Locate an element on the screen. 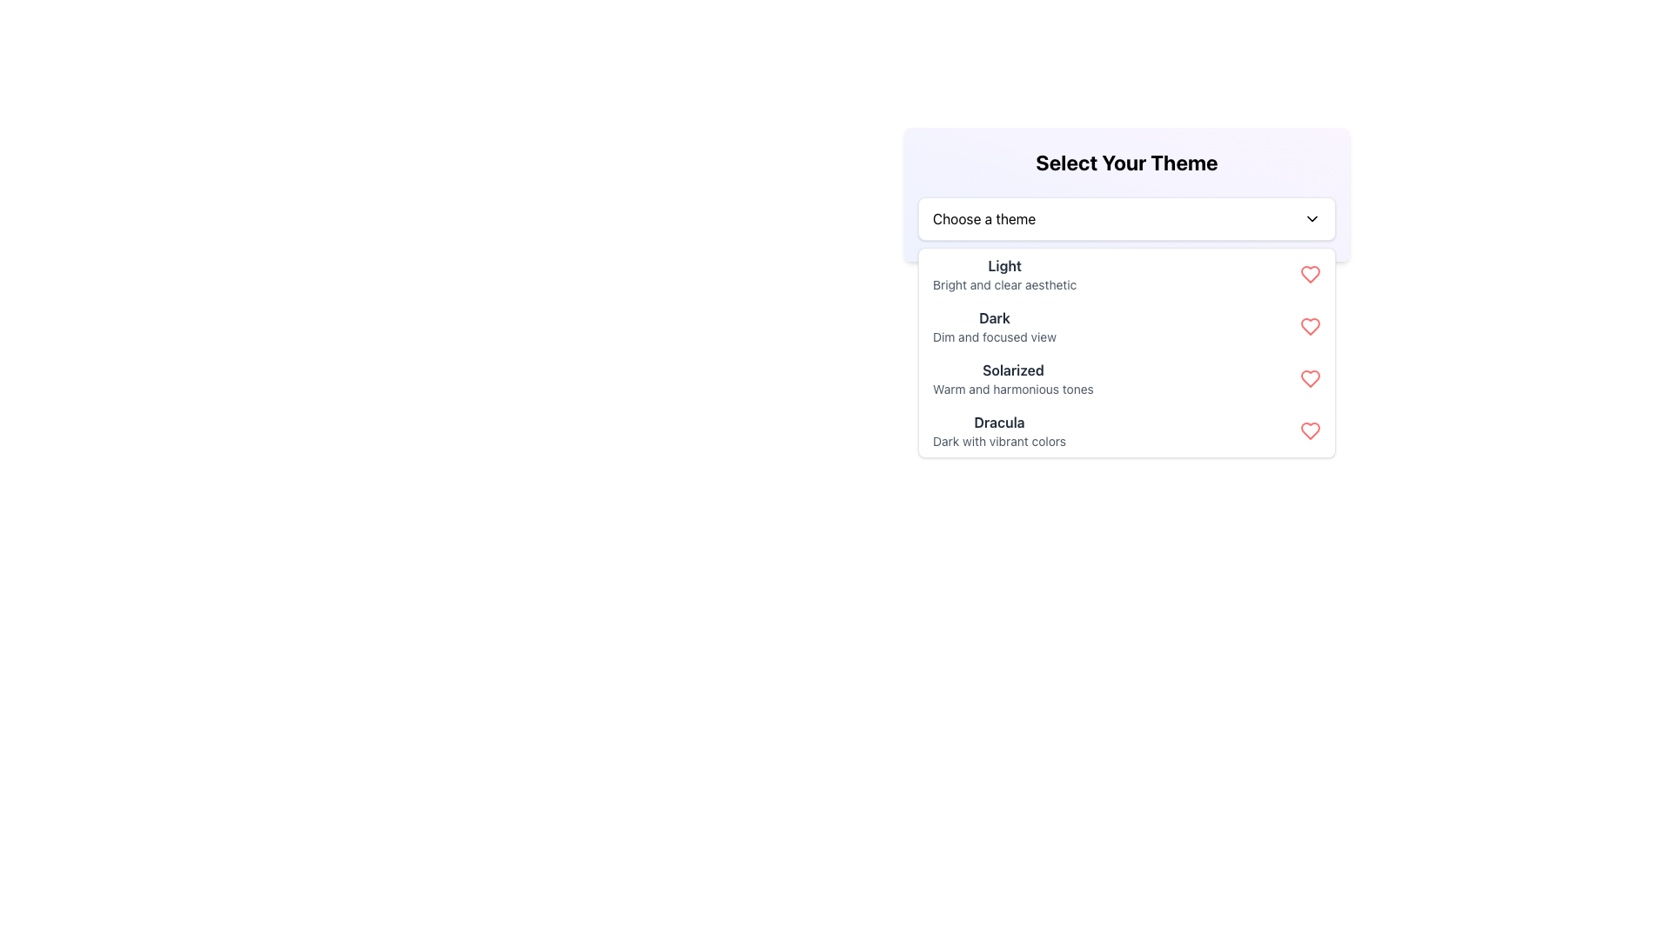 This screenshot has width=1671, height=939. the Dropdown menu for keyboard navigation, located within the 'Select Your Theme' card, positioned below the title text is located at coordinates (1127, 217).